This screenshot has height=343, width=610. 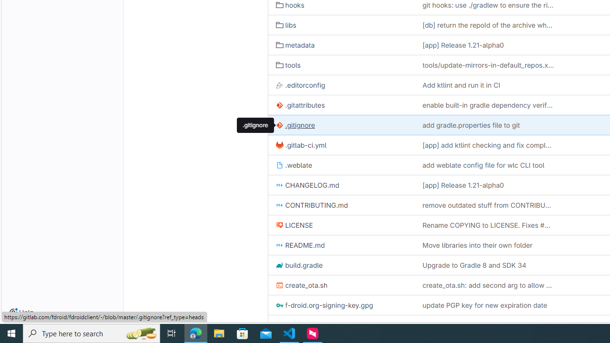 I want to click on 'remove outdated stuff from CONTRIBUTING.md', so click(x=488, y=204).